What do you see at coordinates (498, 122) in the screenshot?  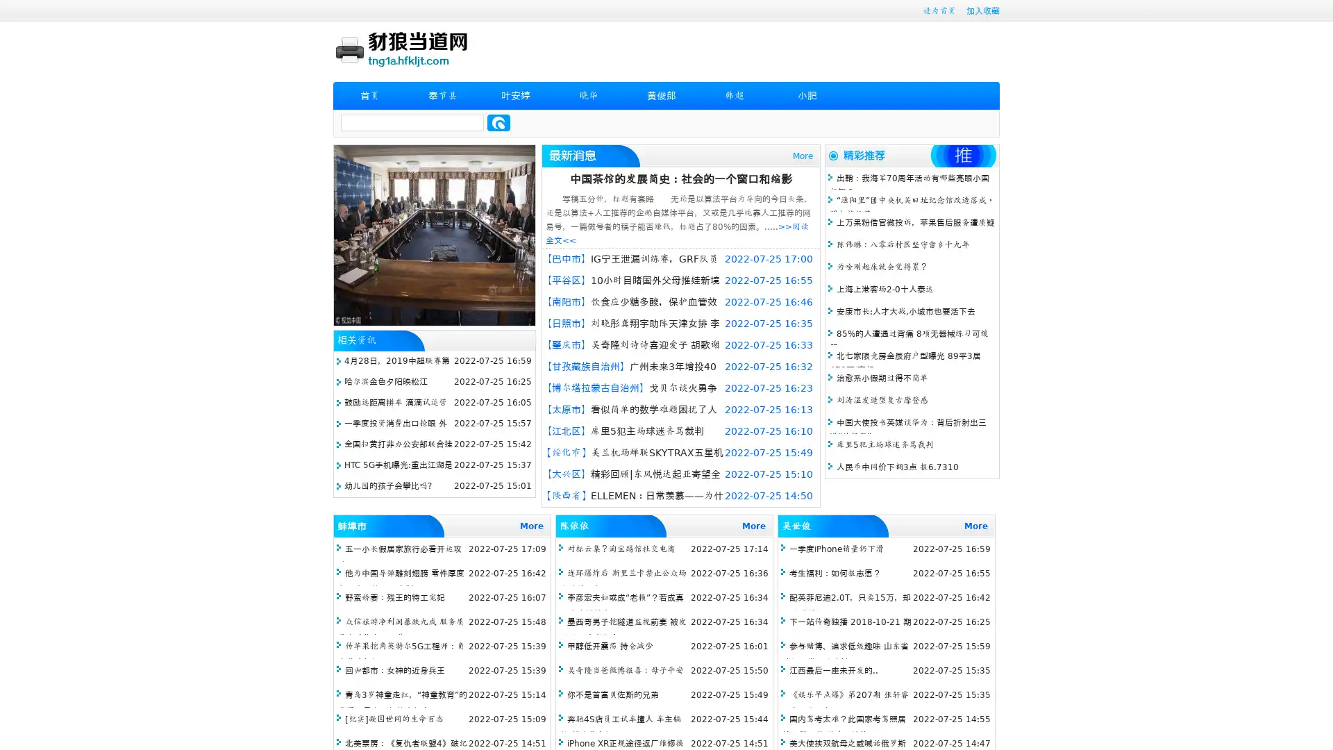 I see `Search` at bounding box center [498, 122].